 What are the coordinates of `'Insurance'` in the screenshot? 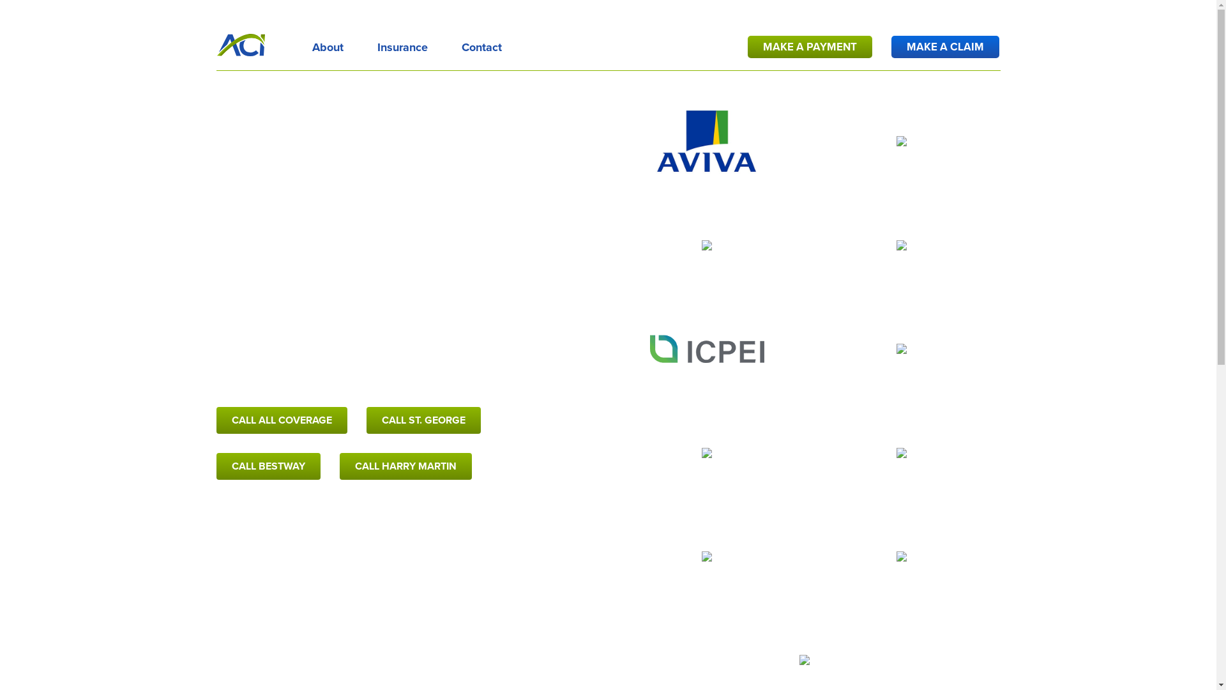 It's located at (401, 44).